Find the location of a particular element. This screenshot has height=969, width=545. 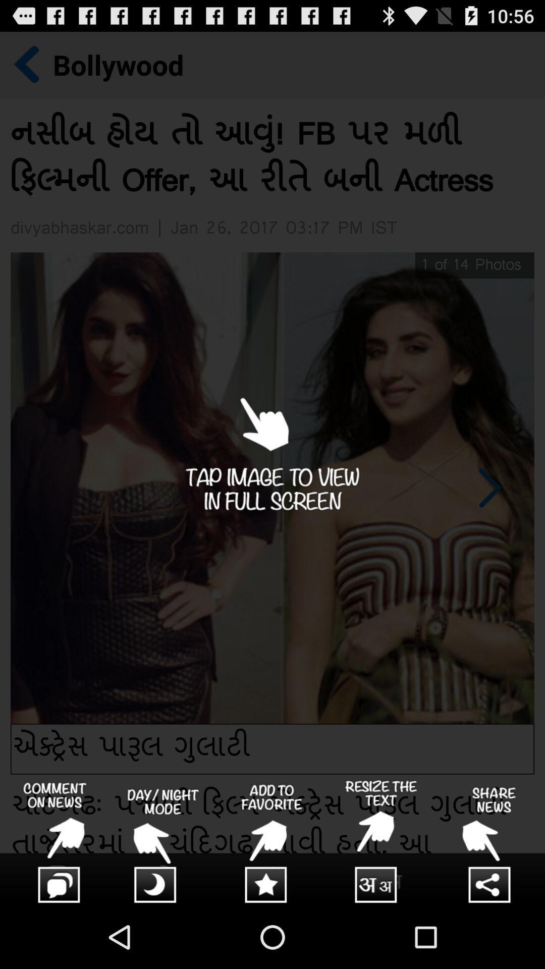

share news is located at coordinates (490, 842).